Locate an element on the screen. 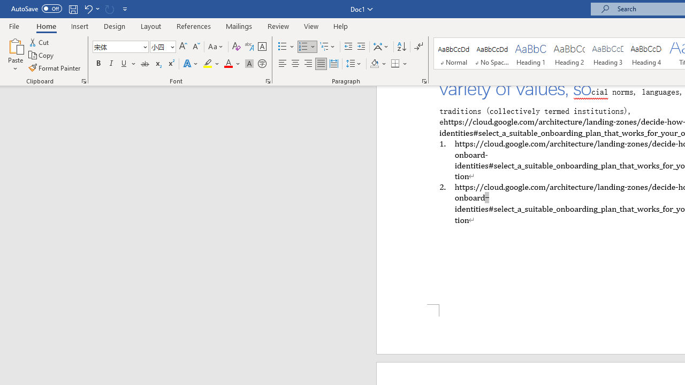 This screenshot has width=685, height=385. 'Heading 1' is located at coordinates (531, 53).